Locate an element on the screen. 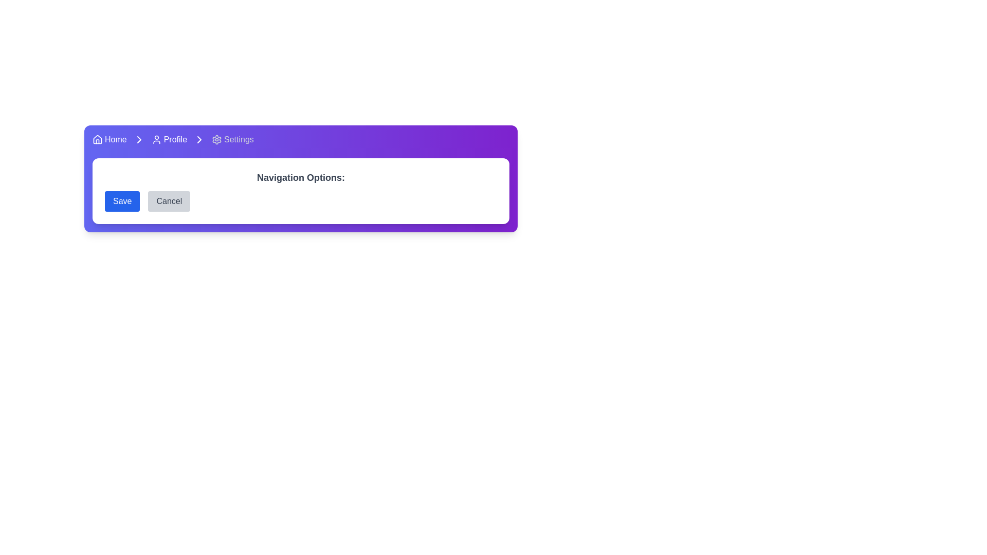 This screenshot has height=555, width=987. the 'Settings' text label located on the far-right of the navigation bar, styled in white on a purple background, adjacent to the gear icon is located at coordinates (239, 140).